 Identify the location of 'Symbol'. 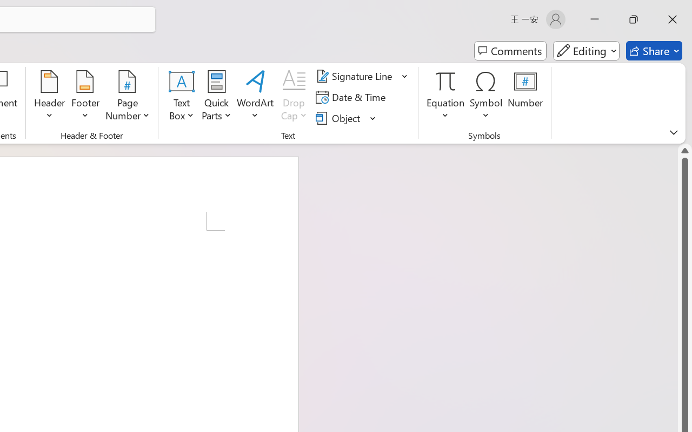
(485, 97).